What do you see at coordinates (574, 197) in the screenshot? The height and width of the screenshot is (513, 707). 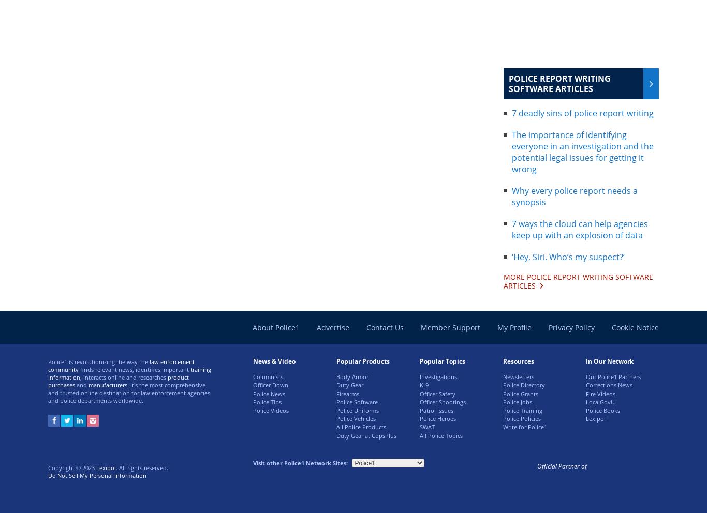 I see `'Why every police report needs a synopsis'` at bounding box center [574, 197].